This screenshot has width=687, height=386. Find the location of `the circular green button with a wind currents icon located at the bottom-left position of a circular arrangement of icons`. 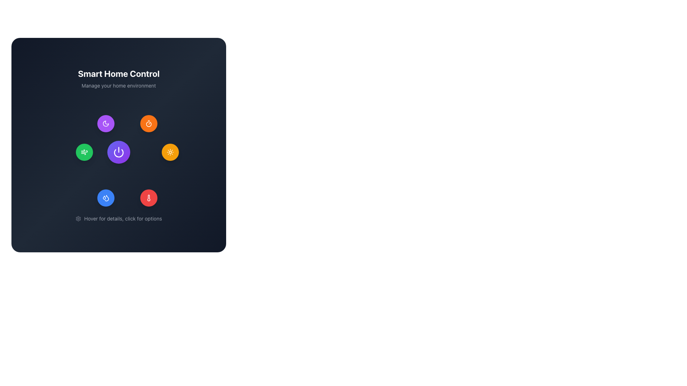

the circular green button with a wind currents icon located at the bottom-left position of a circular arrangement of icons is located at coordinates (84, 152).